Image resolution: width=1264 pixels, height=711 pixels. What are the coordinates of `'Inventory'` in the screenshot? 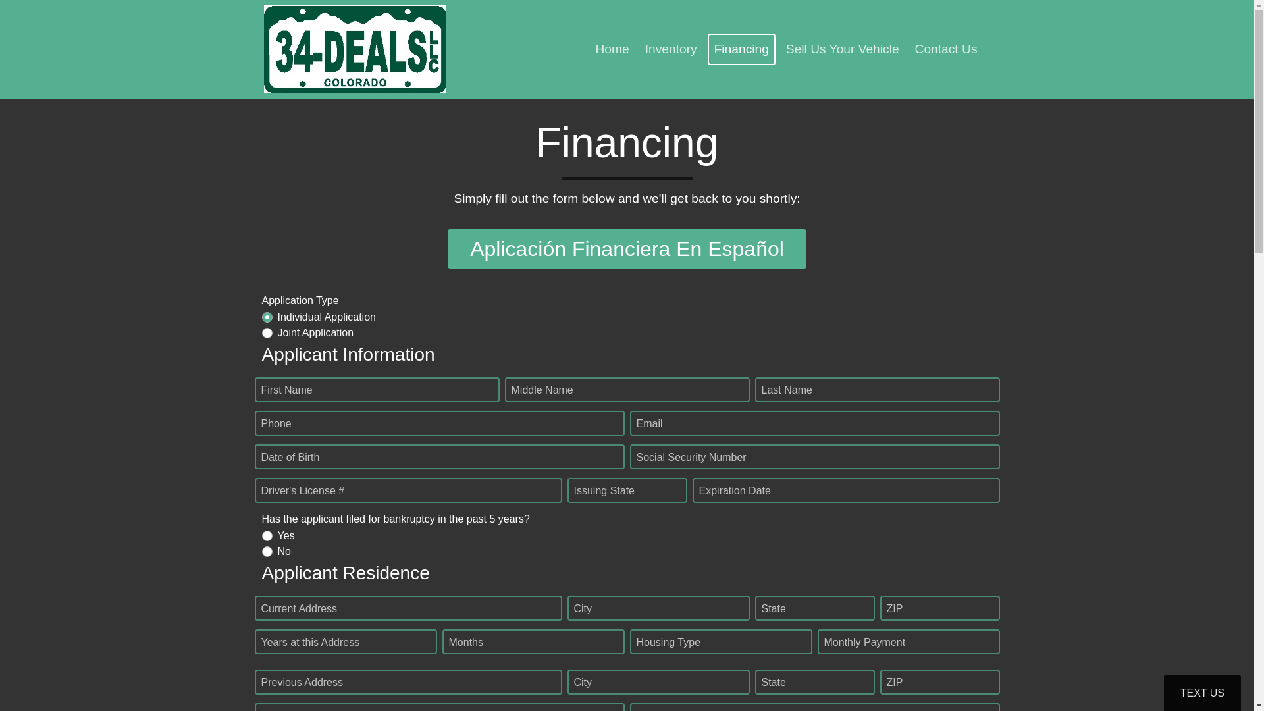 It's located at (671, 49).